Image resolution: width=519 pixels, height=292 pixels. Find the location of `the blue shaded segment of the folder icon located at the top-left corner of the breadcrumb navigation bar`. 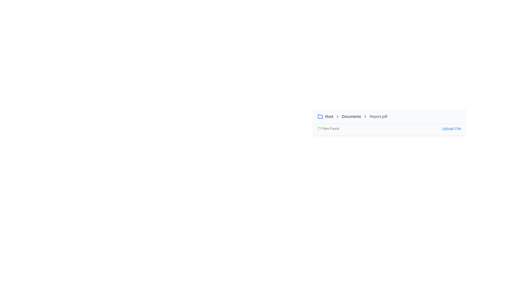

the blue shaded segment of the folder icon located at the top-left corner of the breadcrumb navigation bar is located at coordinates (320, 116).